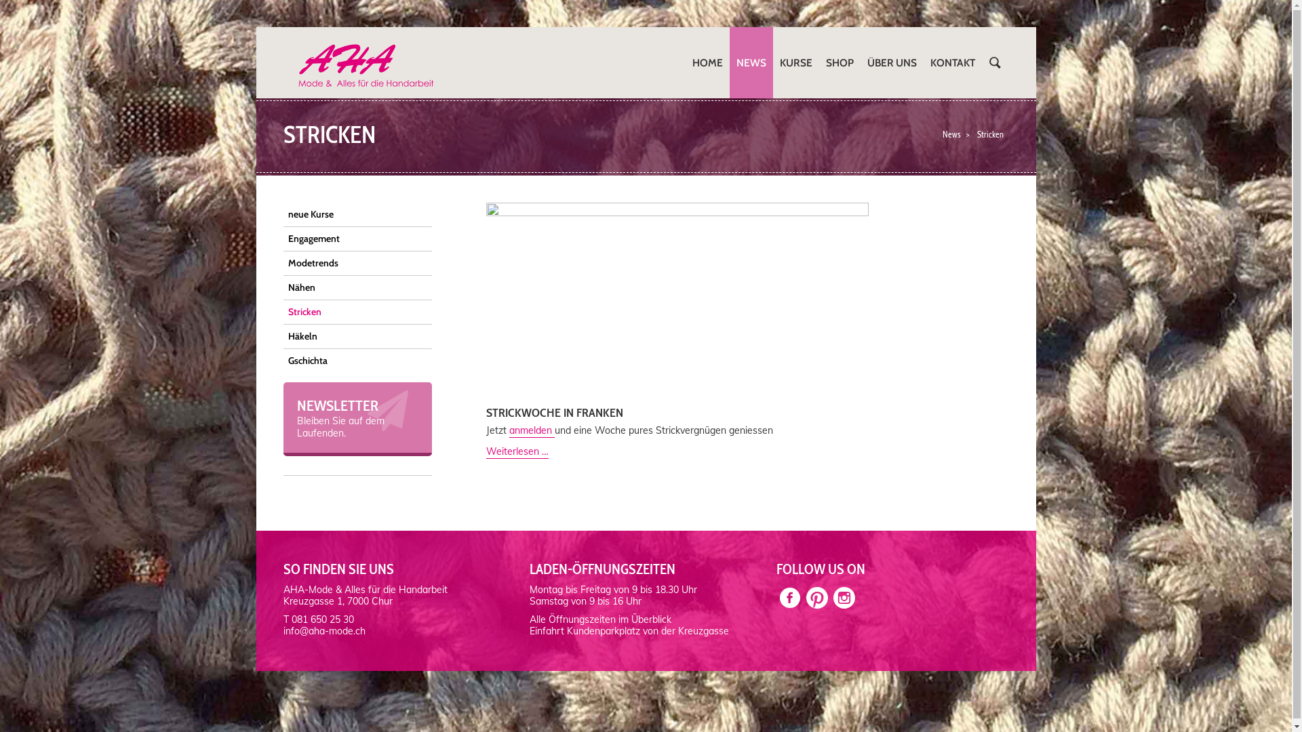 This screenshot has height=732, width=1302. Describe the element at coordinates (952, 62) in the screenshot. I see `'KONTAKT'` at that location.